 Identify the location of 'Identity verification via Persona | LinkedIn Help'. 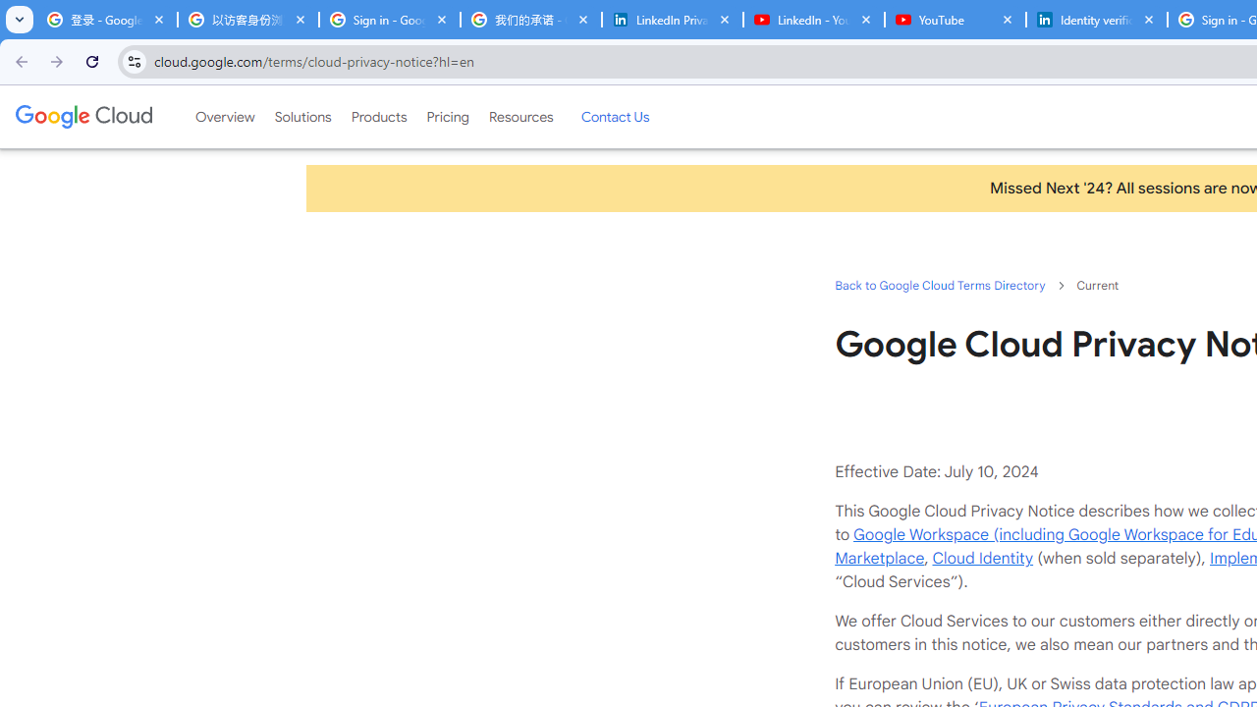
(1095, 20).